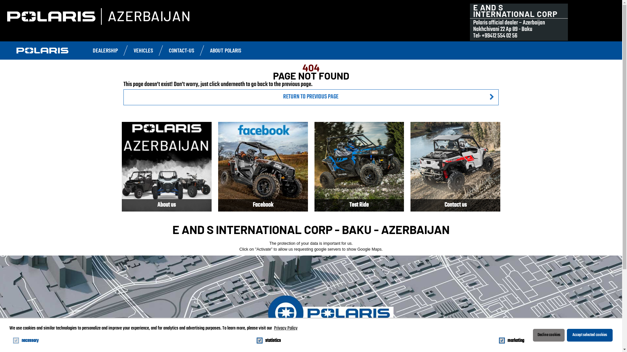 The width and height of the screenshot is (627, 352). Describe the element at coordinates (359, 166) in the screenshot. I see `'Test Ride'` at that location.